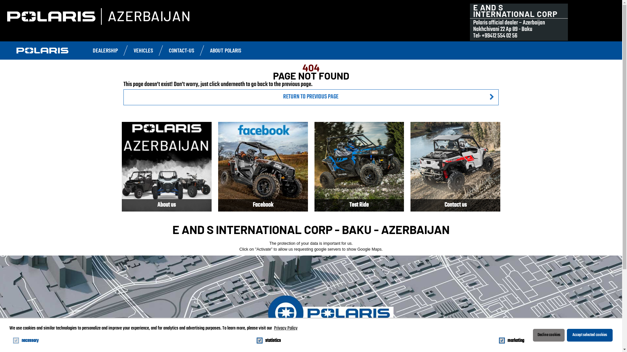 The width and height of the screenshot is (627, 352). Describe the element at coordinates (359, 166) in the screenshot. I see `'Test Ride'` at that location.